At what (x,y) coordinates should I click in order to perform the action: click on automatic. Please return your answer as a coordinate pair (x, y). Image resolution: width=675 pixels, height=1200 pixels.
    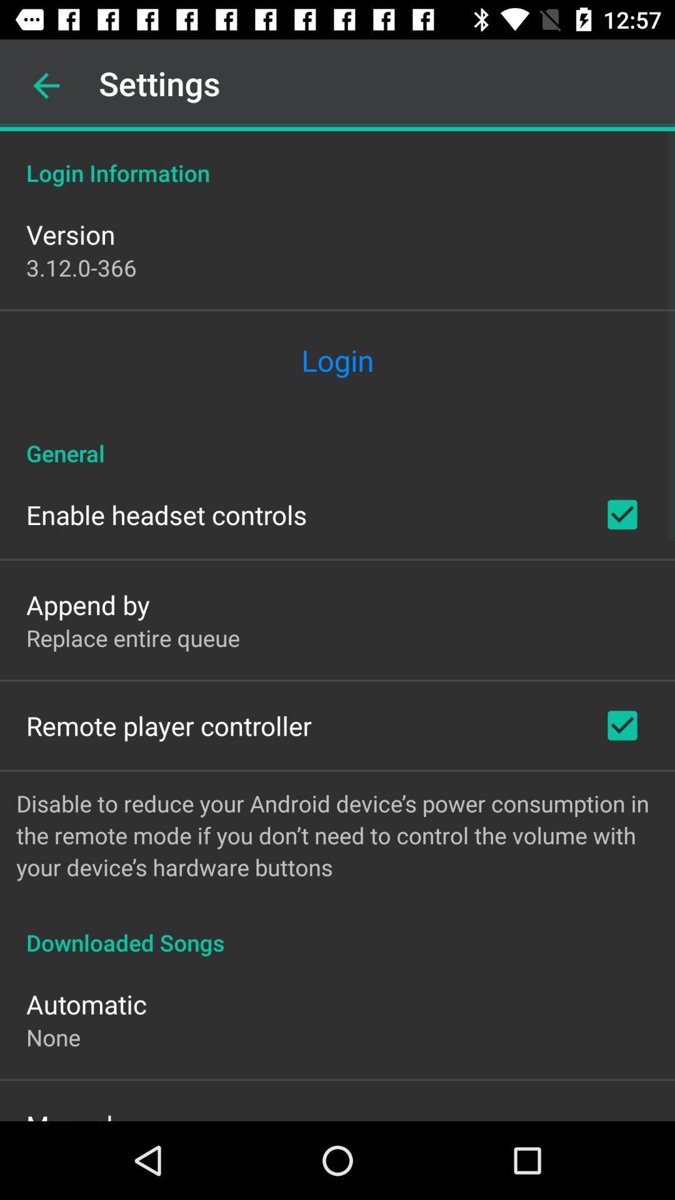
    Looking at the image, I should click on (86, 1004).